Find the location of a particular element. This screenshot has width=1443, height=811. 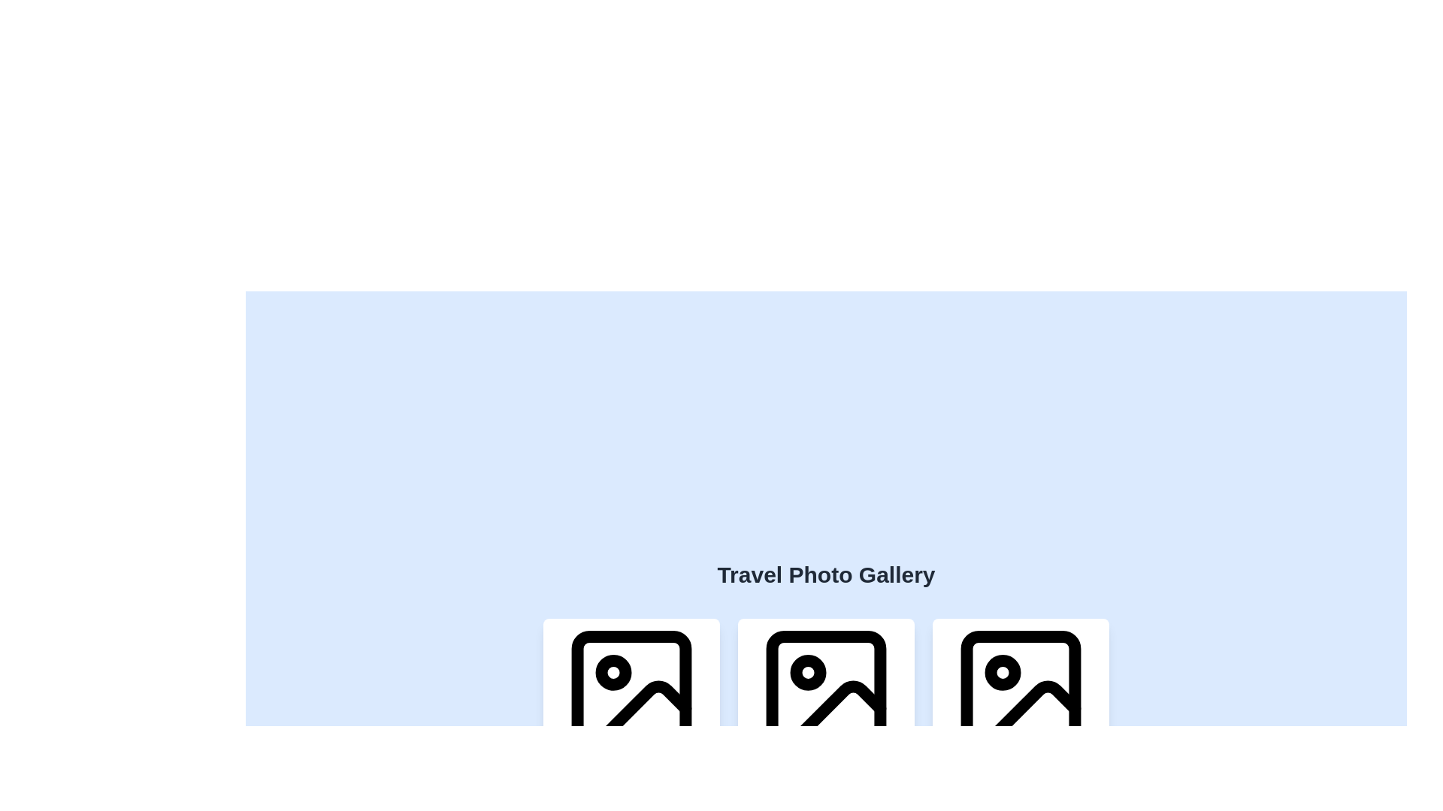

the image placeholder icon located in the second icon from the left beneath the 'Travel Photo Gallery' title to focus on the containing element is located at coordinates (825, 691).